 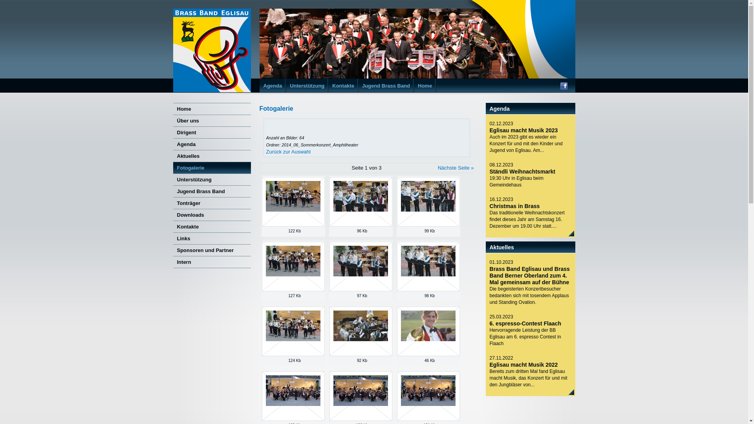 I want to click on 'Home', so click(x=424, y=86).